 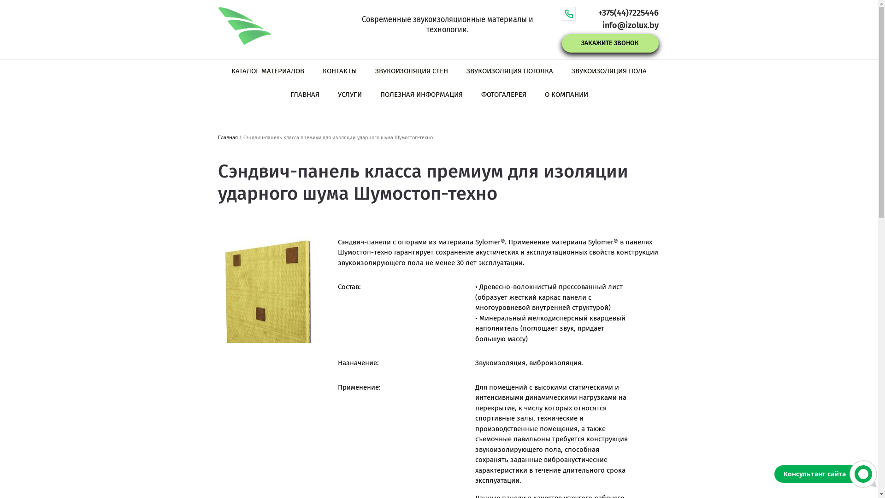 I want to click on '+375(44)7225446', so click(x=628, y=12).